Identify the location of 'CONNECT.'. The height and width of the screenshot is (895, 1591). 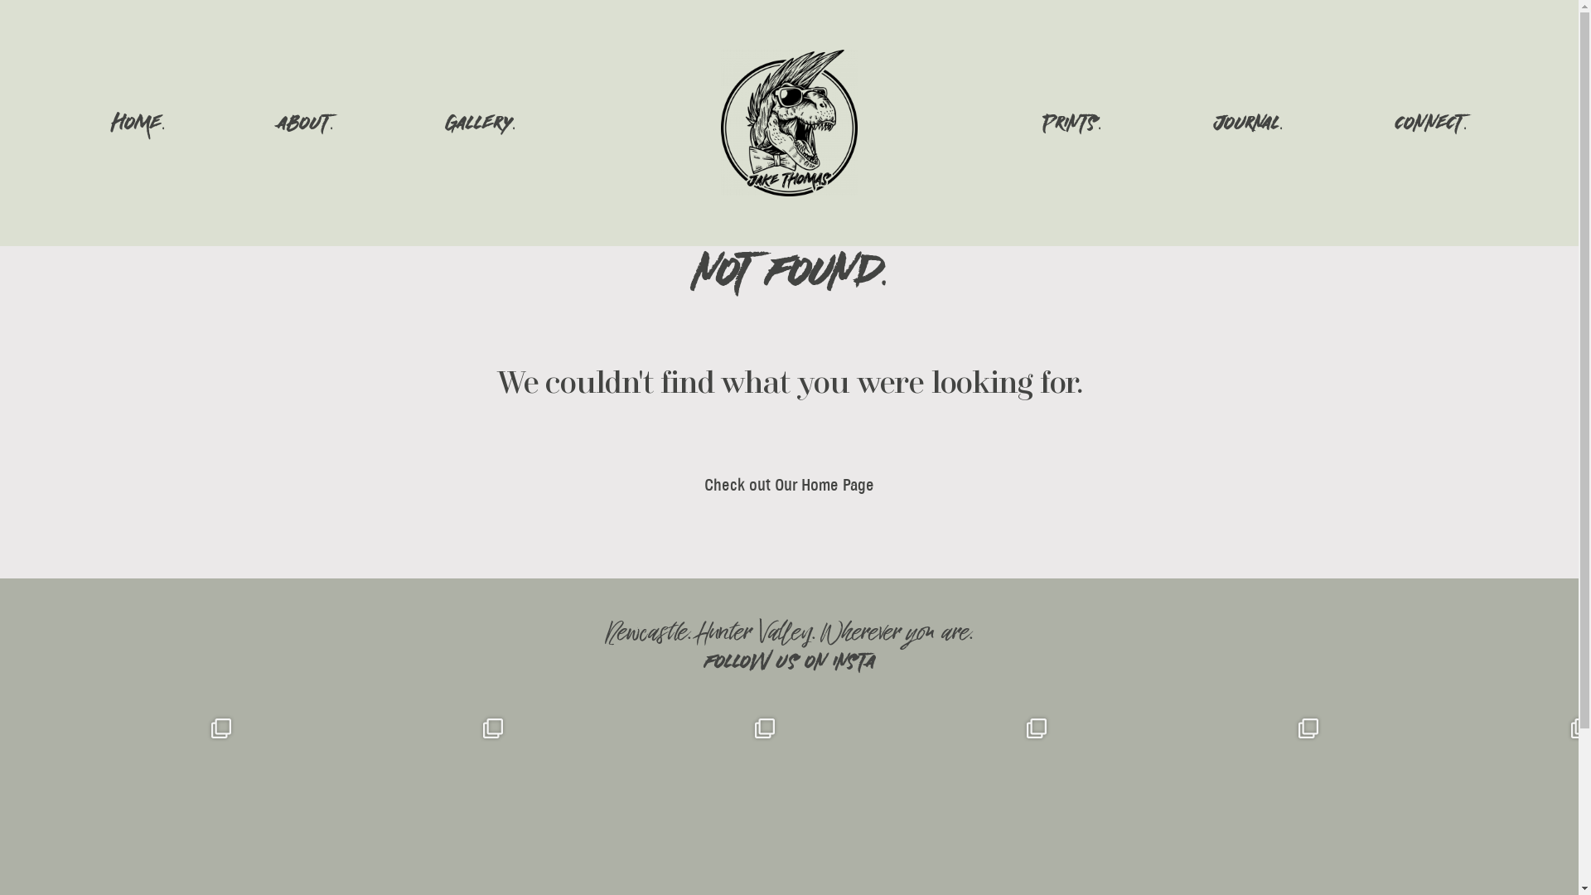
(1429, 122).